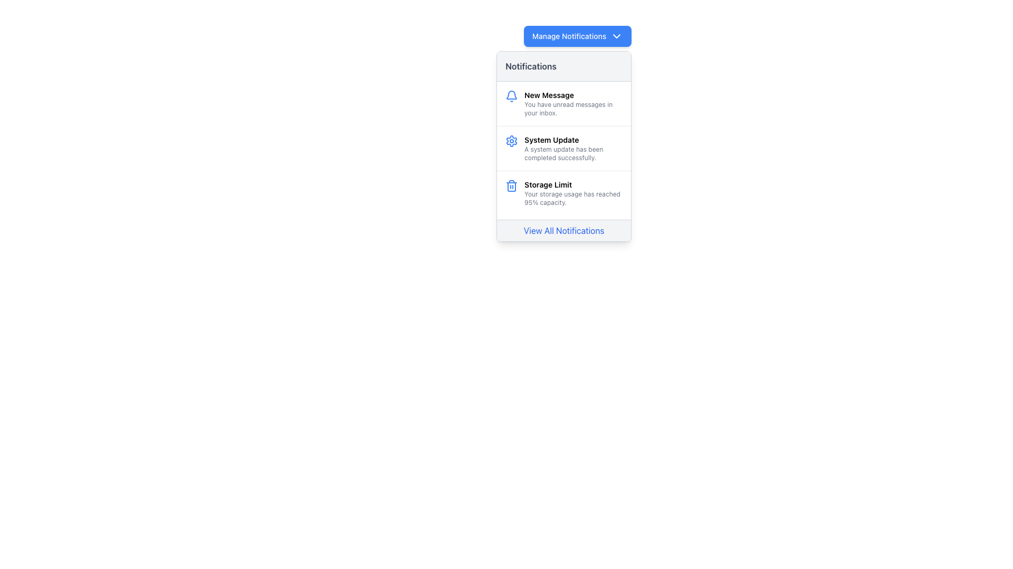  Describe the element at coordinates (573, 199) in the screenshot. I see `information from the Text Label indicating that the storage usage has reached 95% of the available capacity, positioned below the 'Storage Limit' label within the notification card` at that location.